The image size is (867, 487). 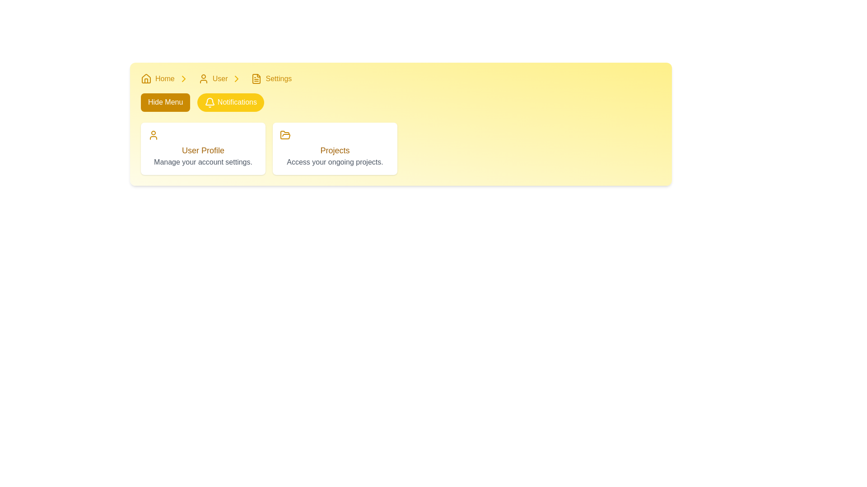 What do you see at coordinates (285, 135) in the screenshot?
I see `the yellow folder icon in the navigation UI` at bounding box center [285, 135].